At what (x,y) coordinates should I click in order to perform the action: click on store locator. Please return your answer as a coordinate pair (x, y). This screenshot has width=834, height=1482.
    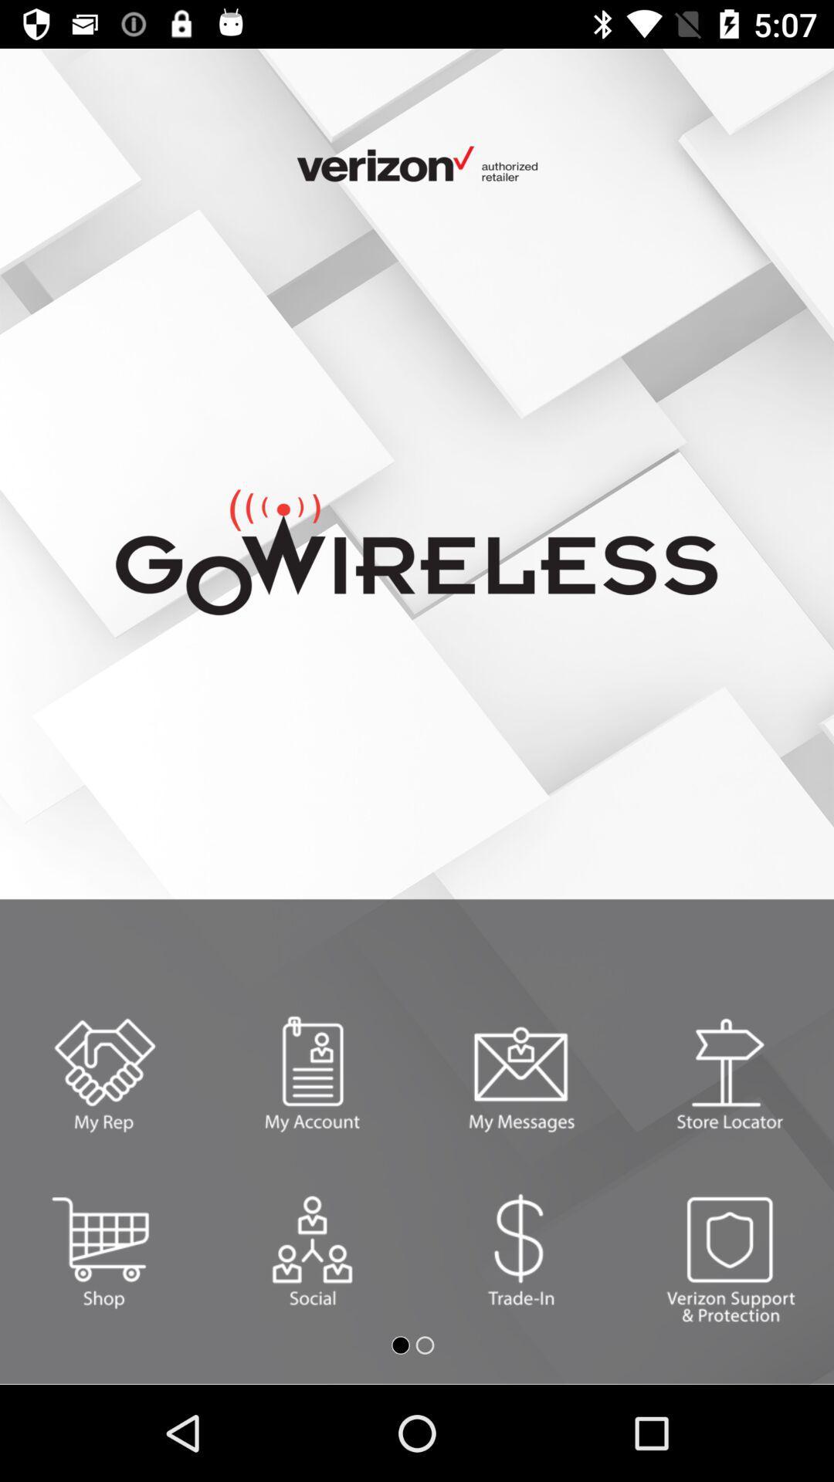
    Looking at the image, I should click on (730, 1074).